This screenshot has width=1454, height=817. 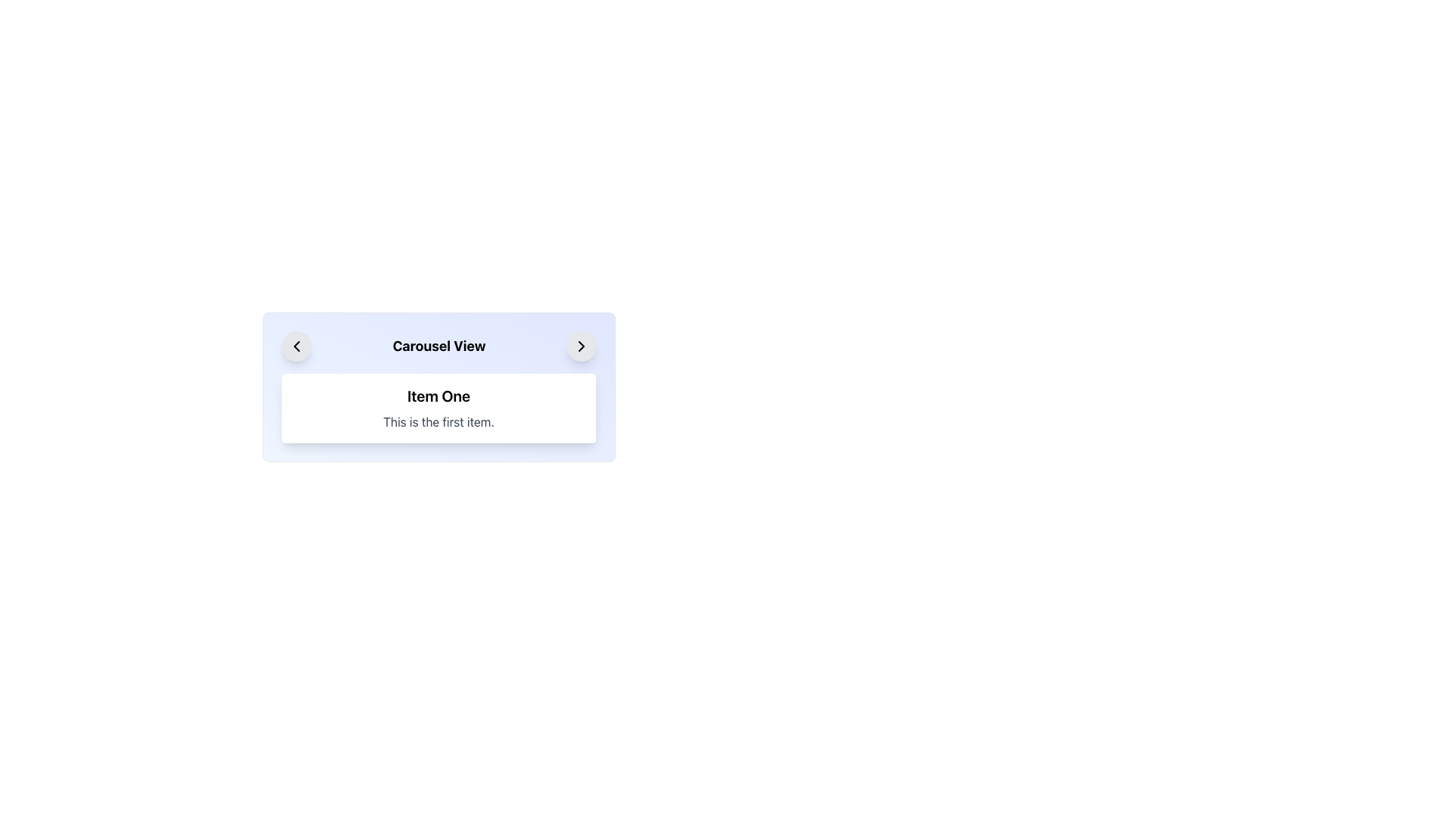 What do you see at coordinates (297, 346) in the screenshot?
I see `the circular button with a left-pointing chevron icon on the left side of the header area for the 'Carousel View' section` at bounding box center [297, 346].